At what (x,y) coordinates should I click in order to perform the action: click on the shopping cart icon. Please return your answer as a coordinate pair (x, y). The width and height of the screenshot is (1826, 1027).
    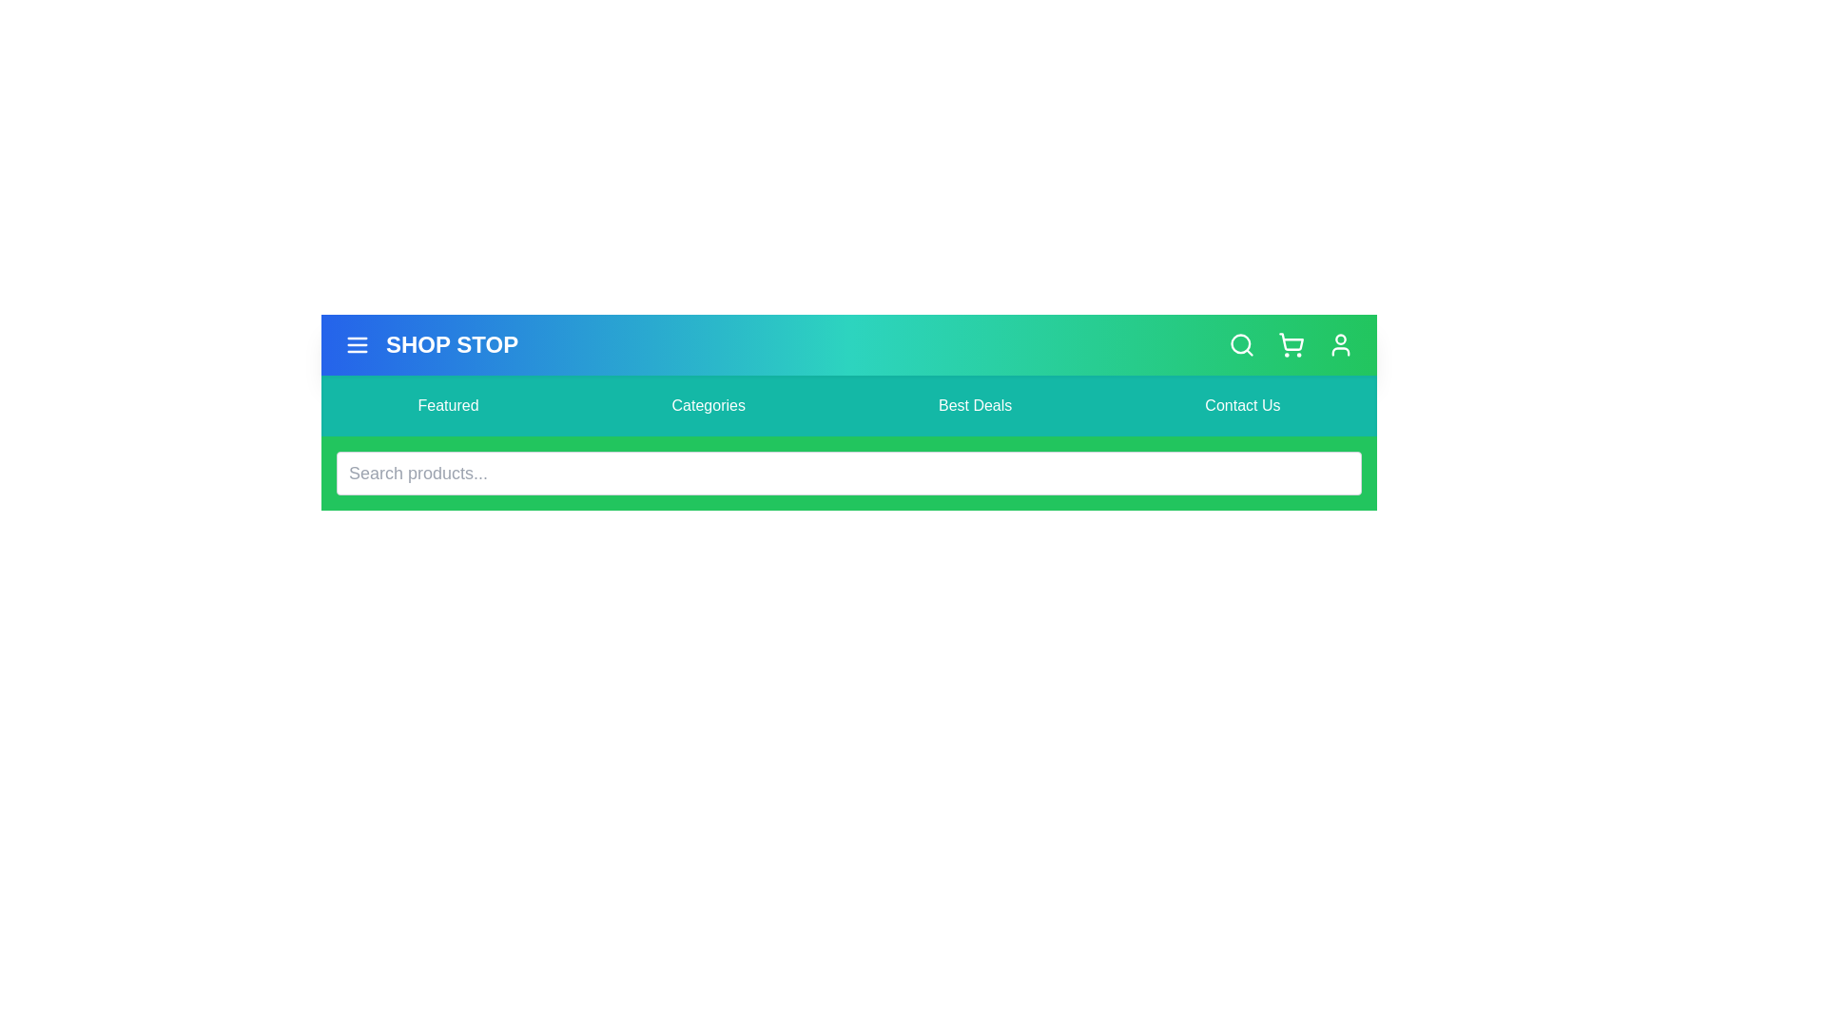
    Looking at the image, I should click on (1292, 344).